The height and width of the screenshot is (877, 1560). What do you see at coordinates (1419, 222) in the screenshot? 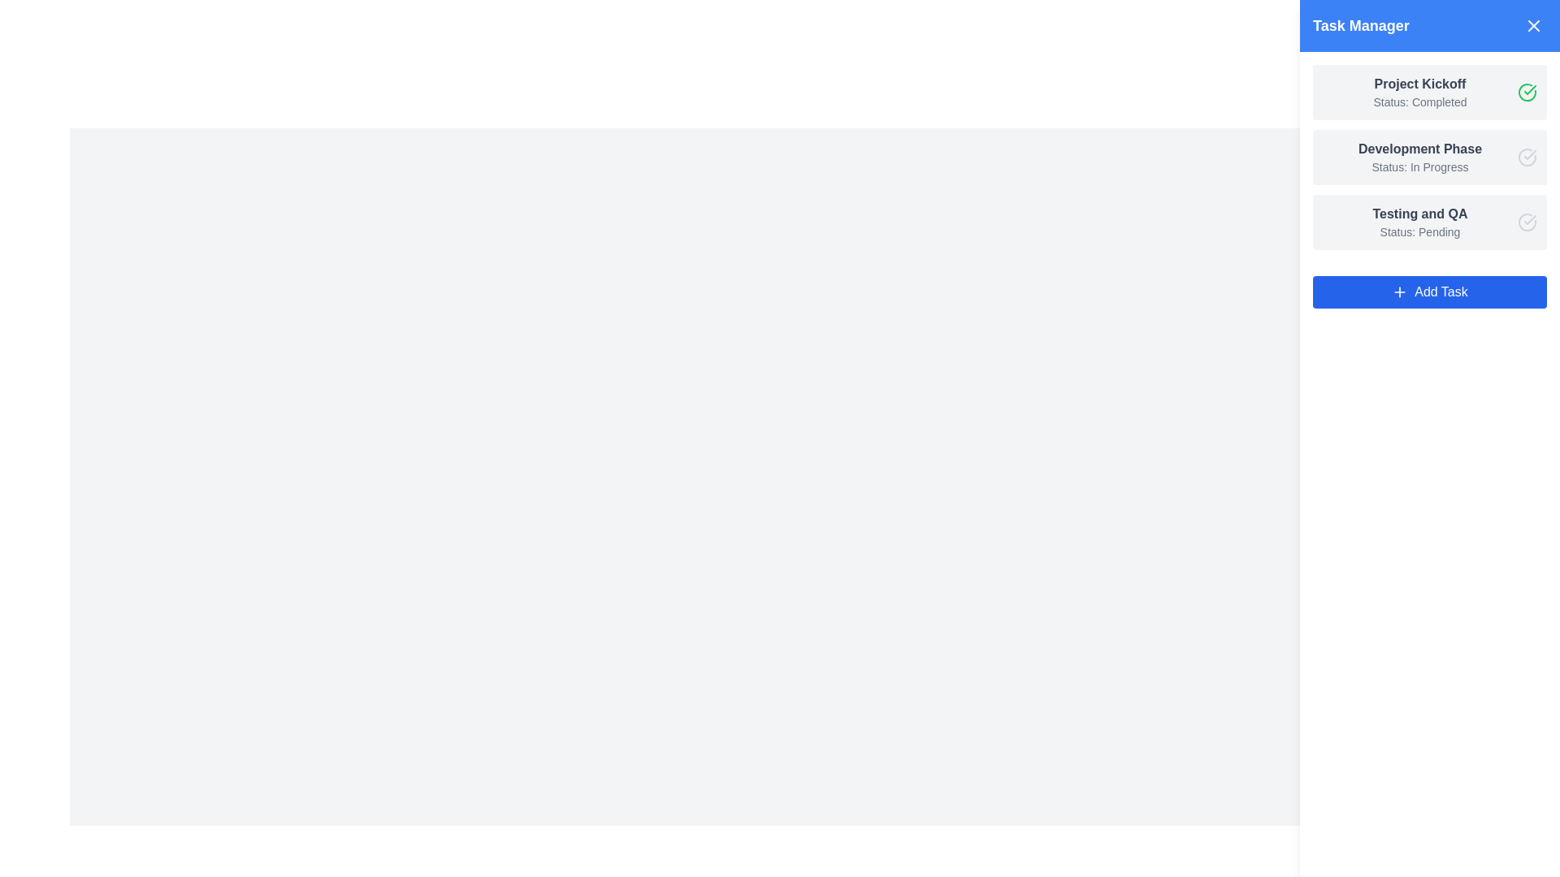
I see `'Testing and QA' label indicating the 'Pending' status, which is the third entry in the vertical list within the 'Task Manager' panel` at bounding box center [1419, 222].